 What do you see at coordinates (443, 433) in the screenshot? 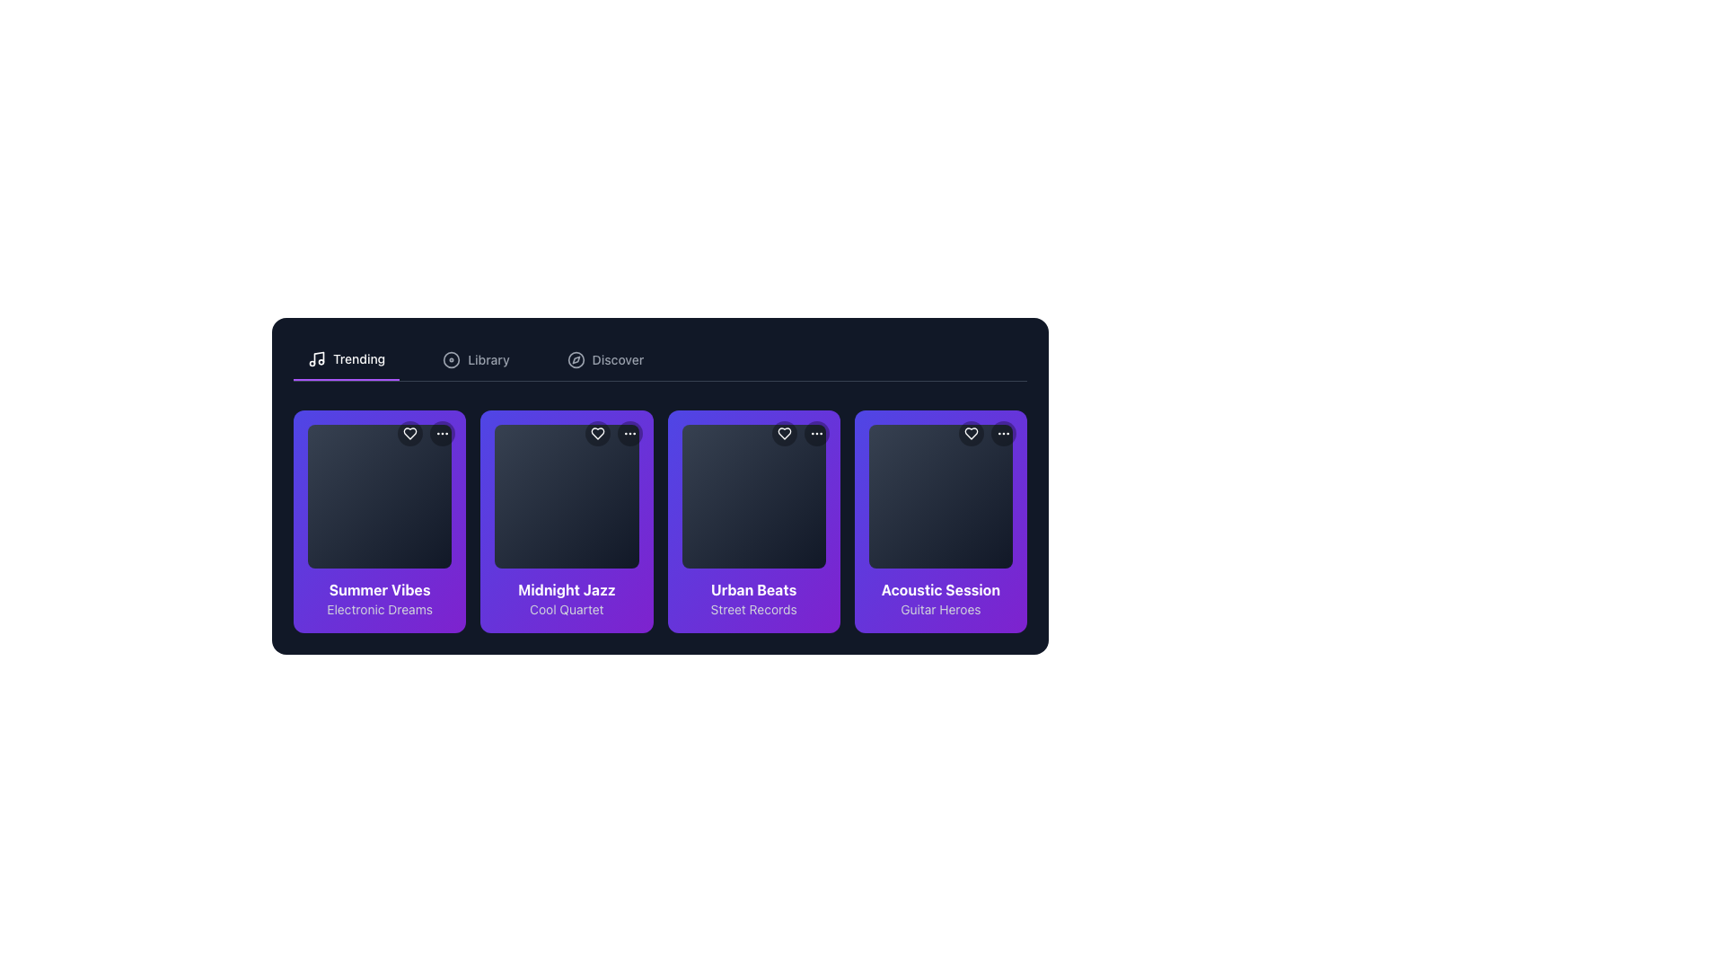
I see `the 'more options' button located at the top-right area of the first card in the 'Trending' section` at bounding box center [443, 433].